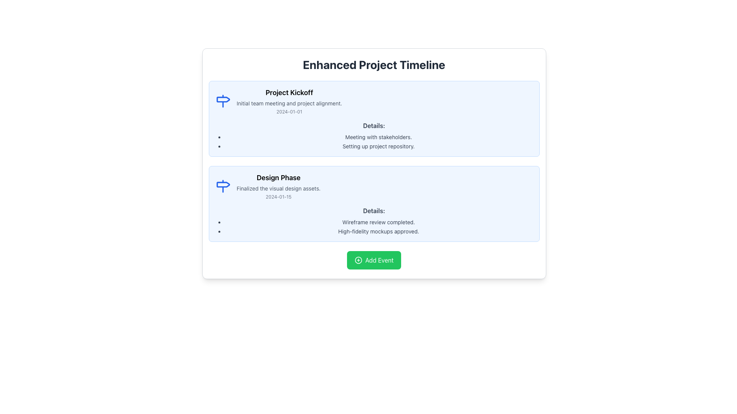 The width and height of the screenshot is (737, 414). I want to click on the 'add' icon located to the left of the 'Add Event' button text, so click(357, 260).